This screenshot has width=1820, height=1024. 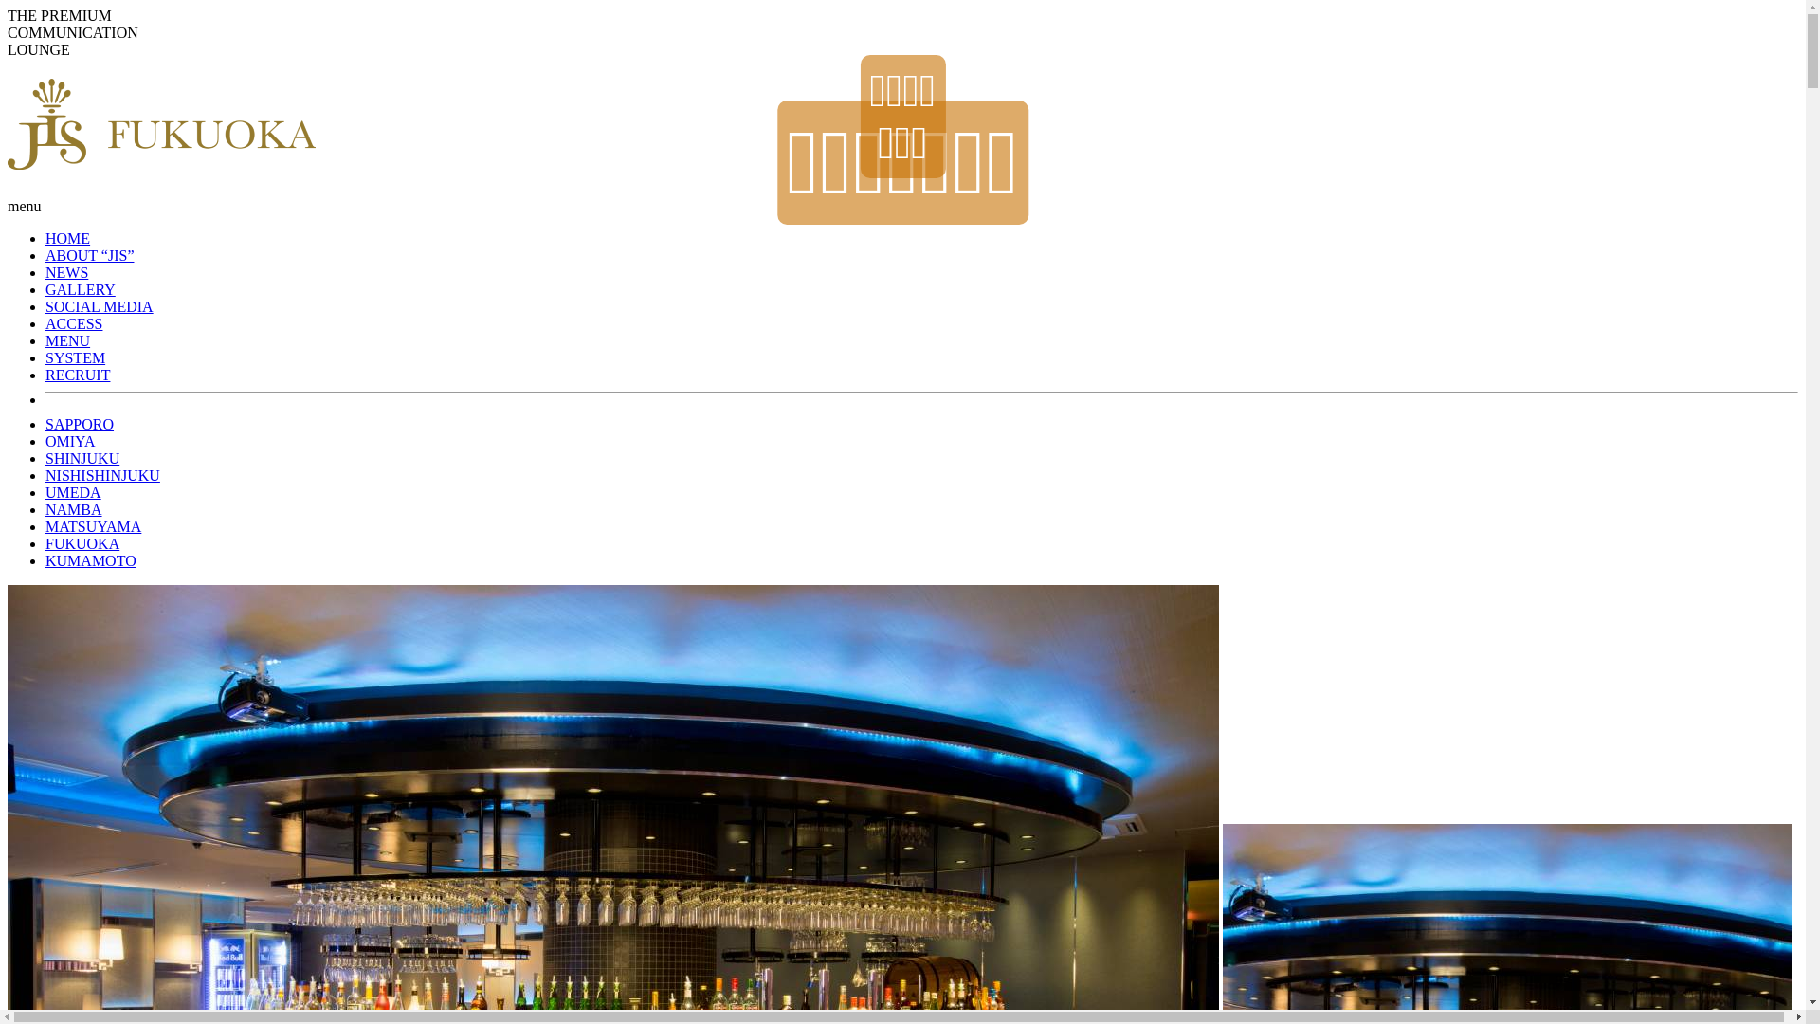 What do you see at coordinates (99, 305) in the screenshot?
I see `'SOCIAL MEDIA'` at bounding box center [99, 305].